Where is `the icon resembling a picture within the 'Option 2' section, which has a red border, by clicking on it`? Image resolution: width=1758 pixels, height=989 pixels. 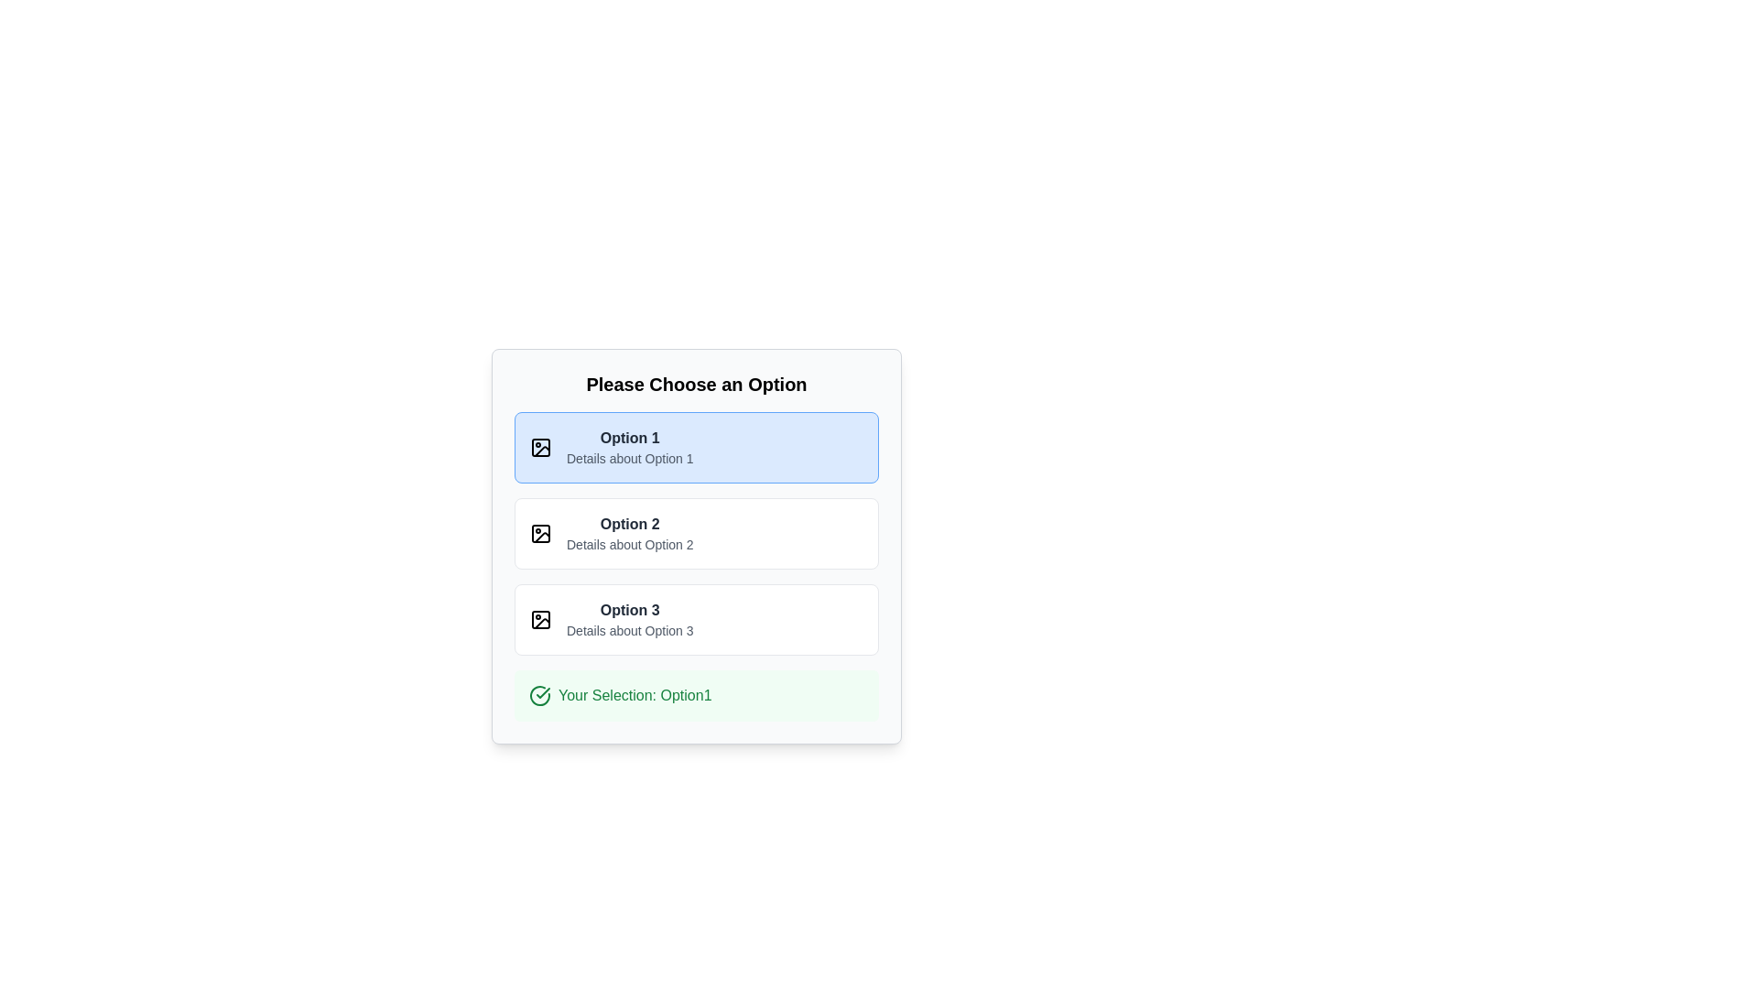 the icon resembling a picture within the 'Option 2' section, which has a red border, by clicking on it is located at coordinates (539, 533).